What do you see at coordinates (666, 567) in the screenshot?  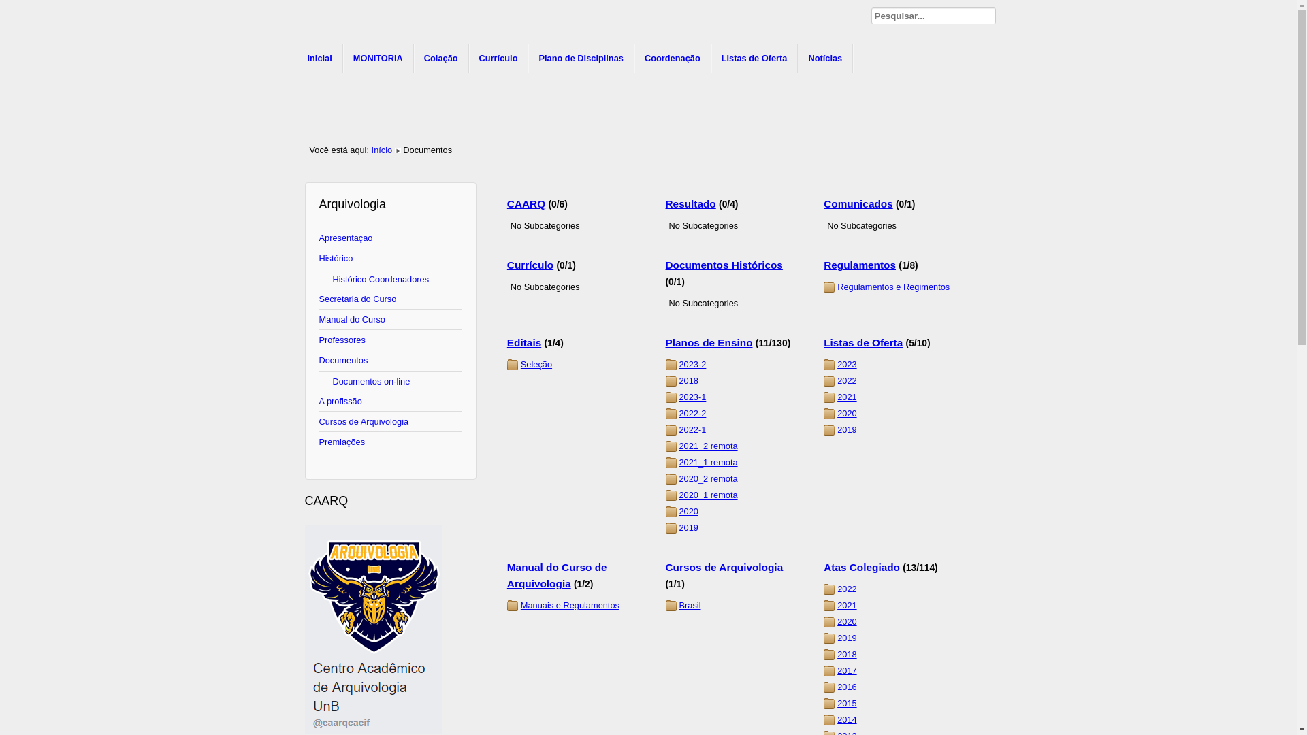 I see `'Cursos de Arquivologia'` at bounding box center [666, 567].